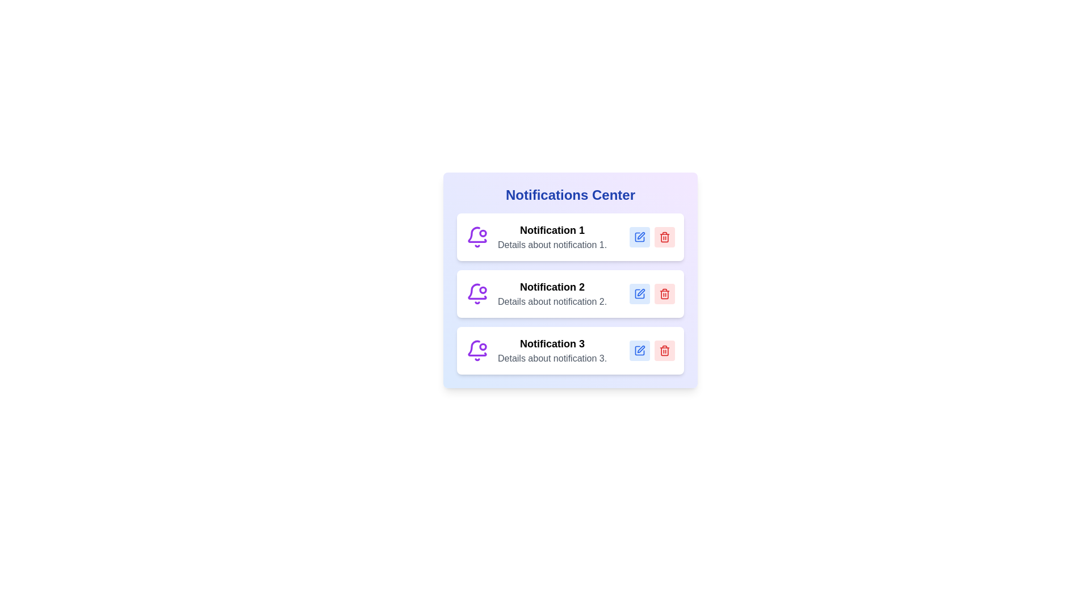  Describe the element at coordinates (665, 350) in the screenshot. I see `the delete button in the last position of the button row on the third notification card` at that location.